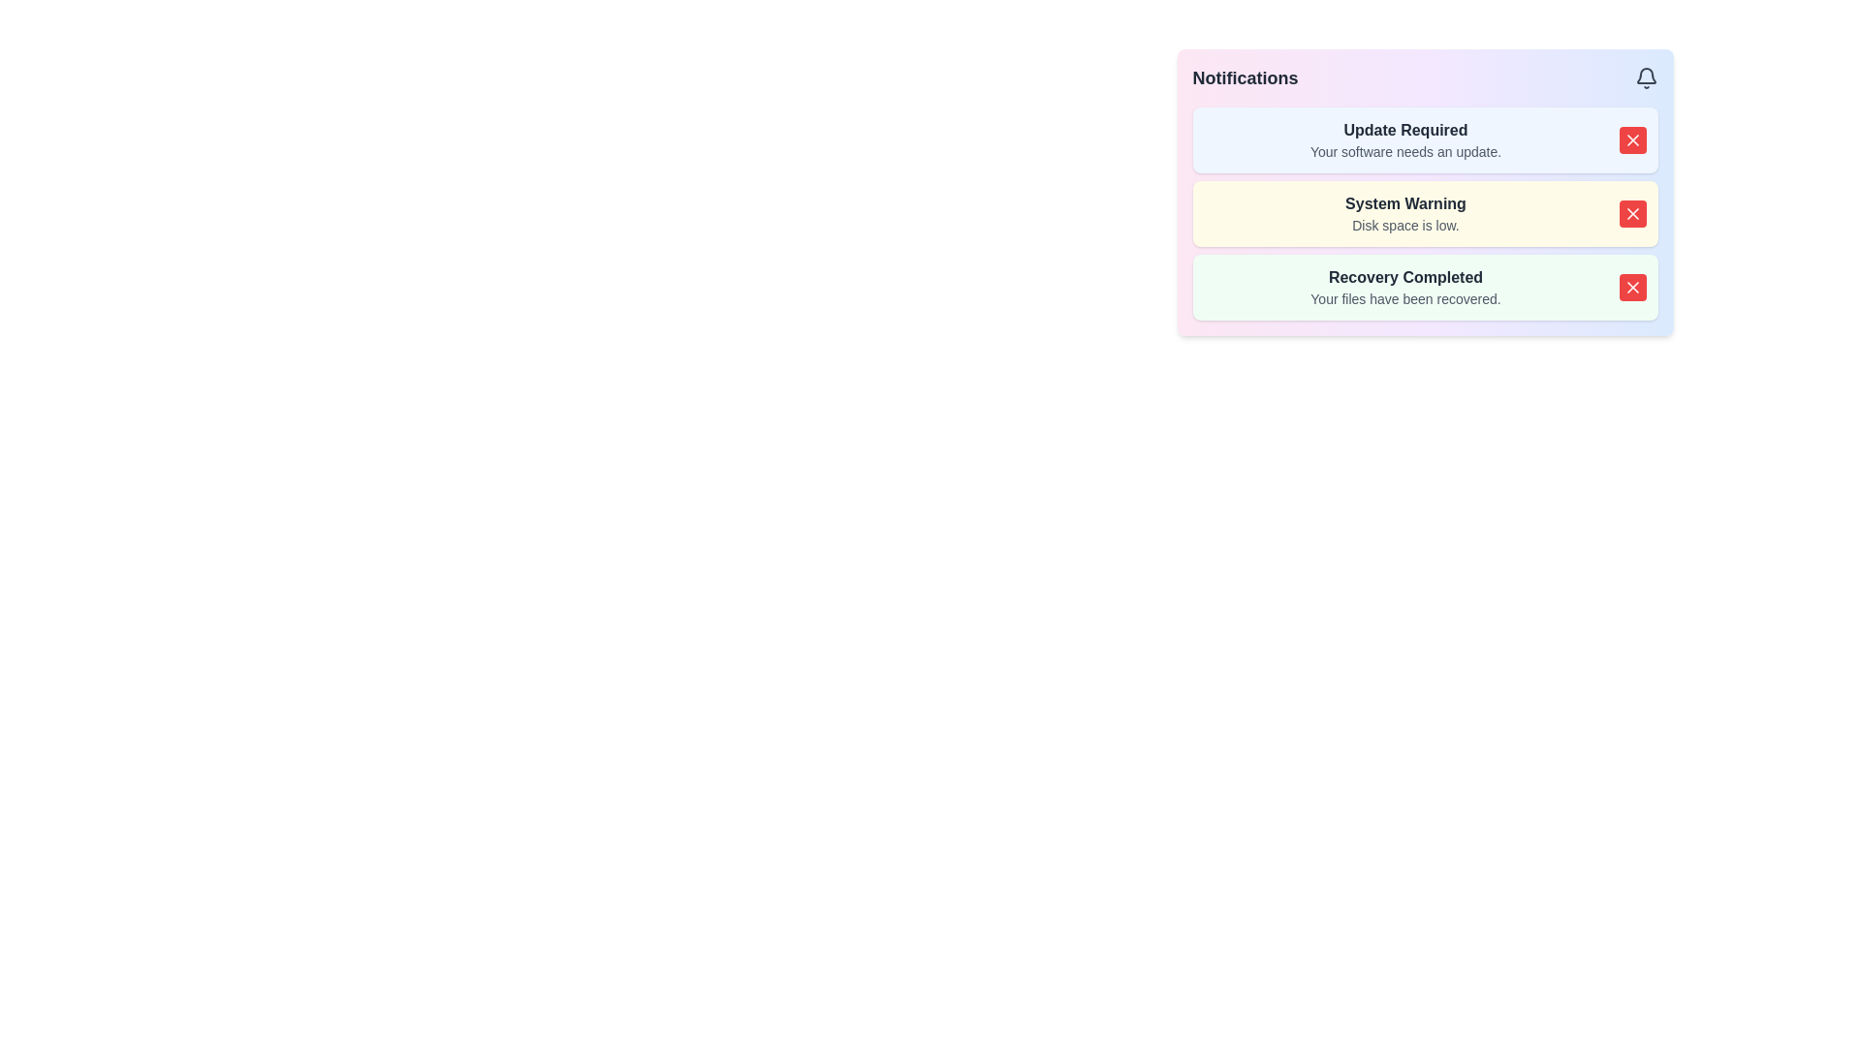 This screenshot has width=1861, height=1046. Describe the element at coordinates (1405, 224) in the screenshot. I see `message displayed in the text label that says 'Disk space is low.' which is located beneath the 'System Warning' title in the notification panel` at that location.